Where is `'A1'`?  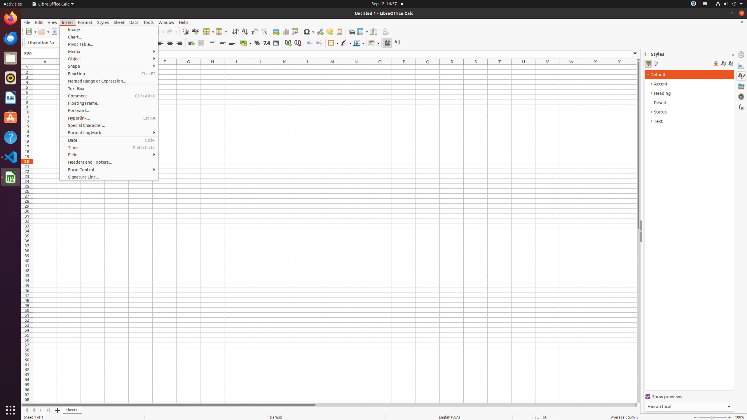
'A1' is located at coordinates (45, 67).